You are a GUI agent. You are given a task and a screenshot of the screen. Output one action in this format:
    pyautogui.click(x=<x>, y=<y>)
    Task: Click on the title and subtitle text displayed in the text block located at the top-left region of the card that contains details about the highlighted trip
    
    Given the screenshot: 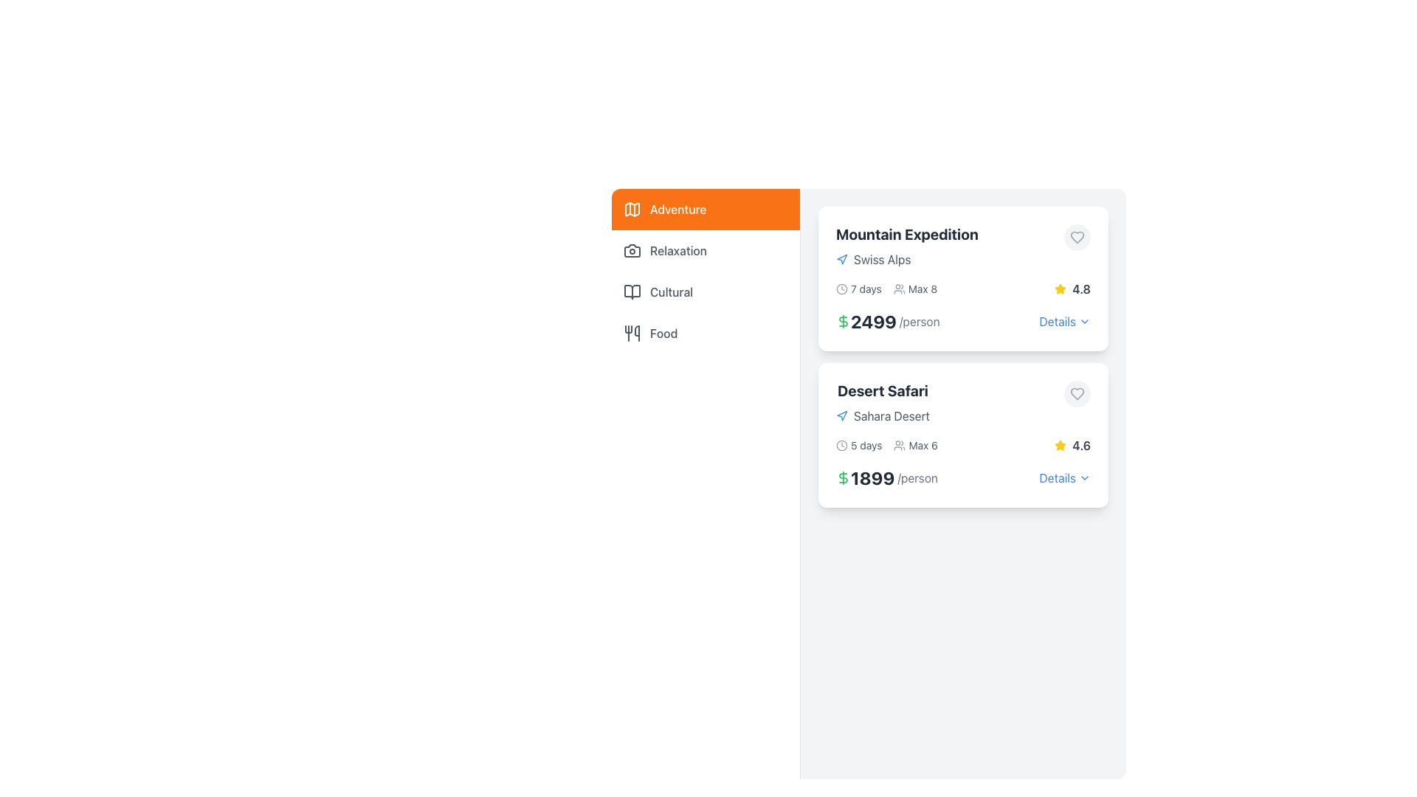 What is the action you would take?
    pyautogui.click(x=906, y=246)
    